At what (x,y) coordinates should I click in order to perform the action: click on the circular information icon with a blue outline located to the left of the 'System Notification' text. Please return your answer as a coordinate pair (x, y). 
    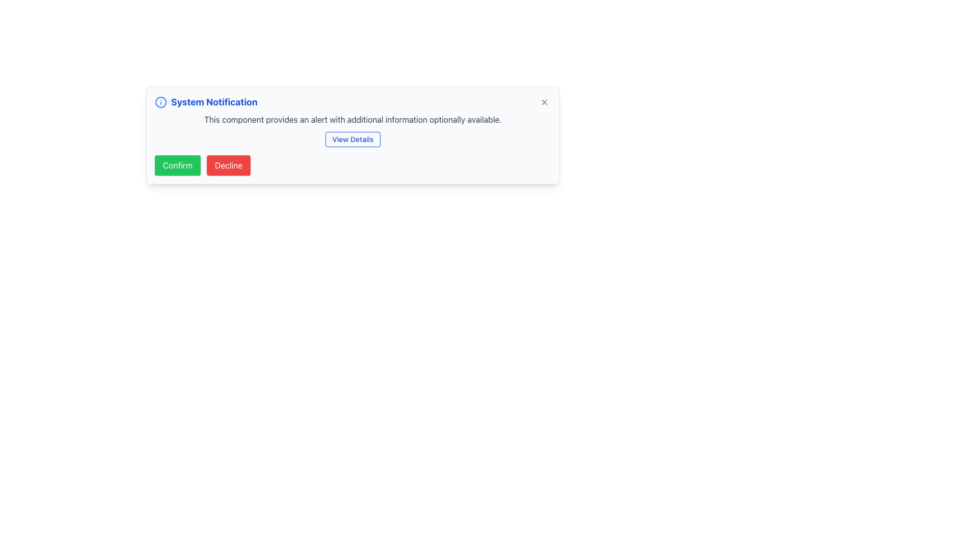
    Looking at the image, I should click on (160, 102).